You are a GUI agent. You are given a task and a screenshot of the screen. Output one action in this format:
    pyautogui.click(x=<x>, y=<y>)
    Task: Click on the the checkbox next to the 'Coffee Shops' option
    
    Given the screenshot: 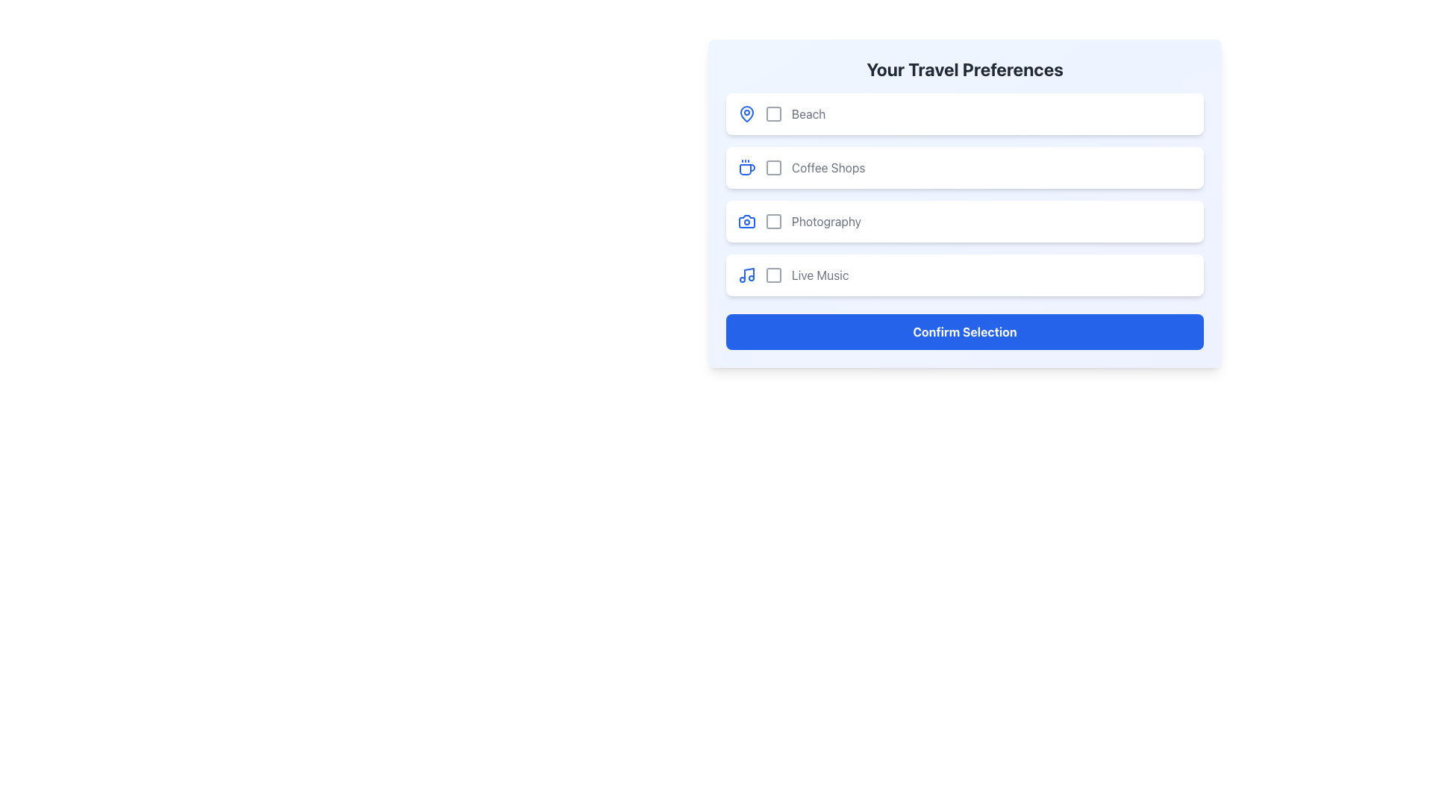 What is the action you would take?
    pyautogui.click(x=964, y=167)
    